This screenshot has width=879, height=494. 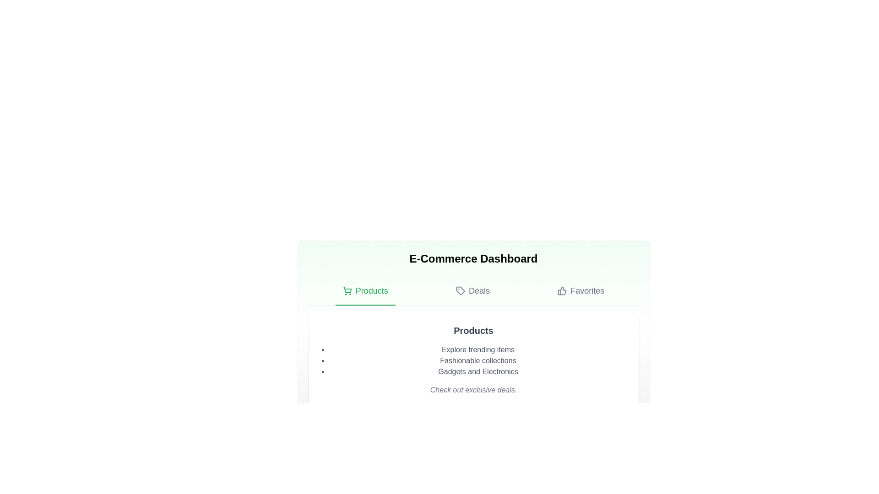 What do you see at coordinates (472, 291) in the screenshot?
I see `the 'Deals' clickable navigation tab, which is a text element with a gray font color and medium font weight, located below the 'E-Commerce Dashboard' header` at bounding box center [472, 291].